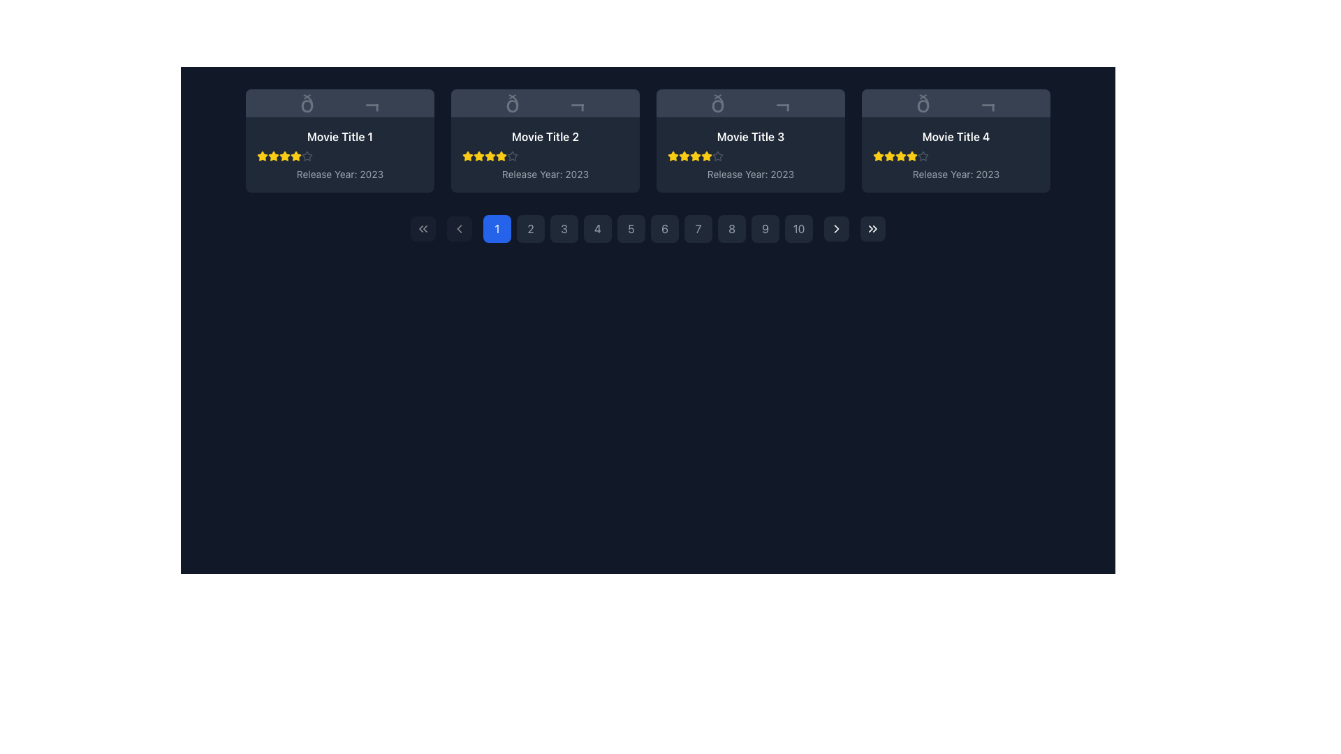  I want to click on the navigation icon located next to the page number '10' in the pagination section, so click(837, 228).